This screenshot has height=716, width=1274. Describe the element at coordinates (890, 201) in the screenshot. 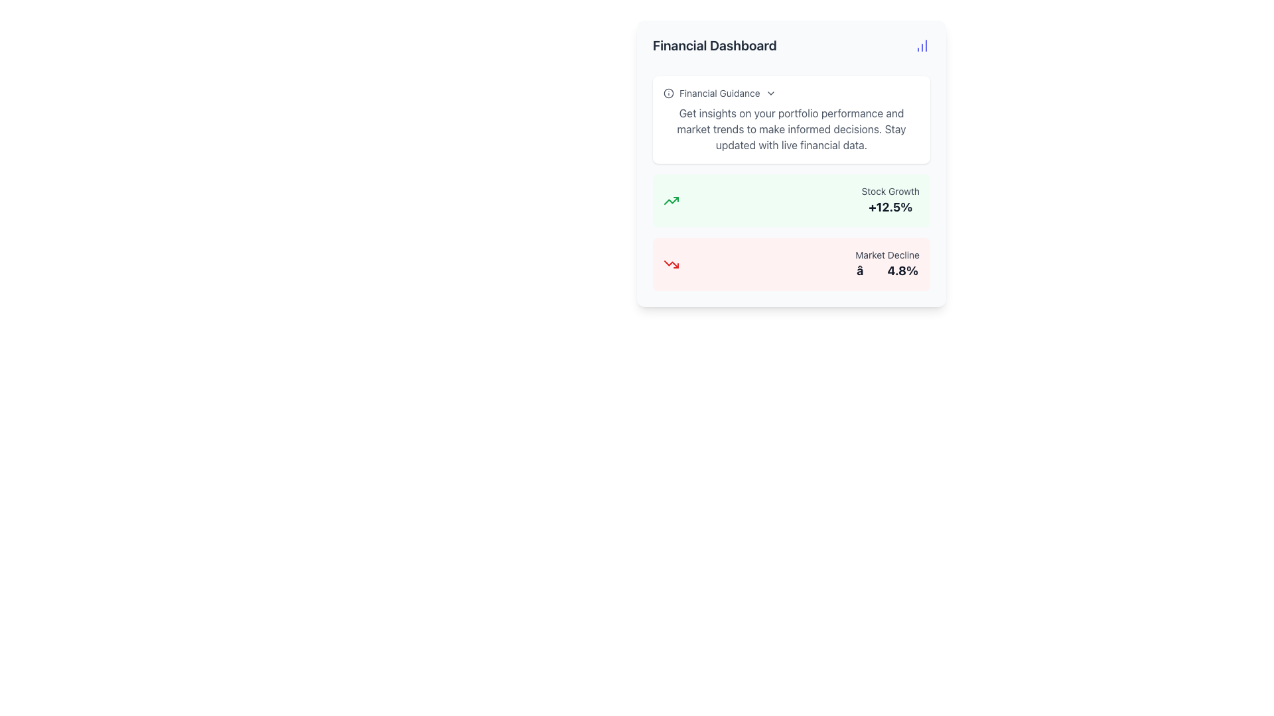

I see `the 'Stock Growth' text display, which shows the performance value '+12.5%' in the upper section of the green-highlighted card area` at that location.